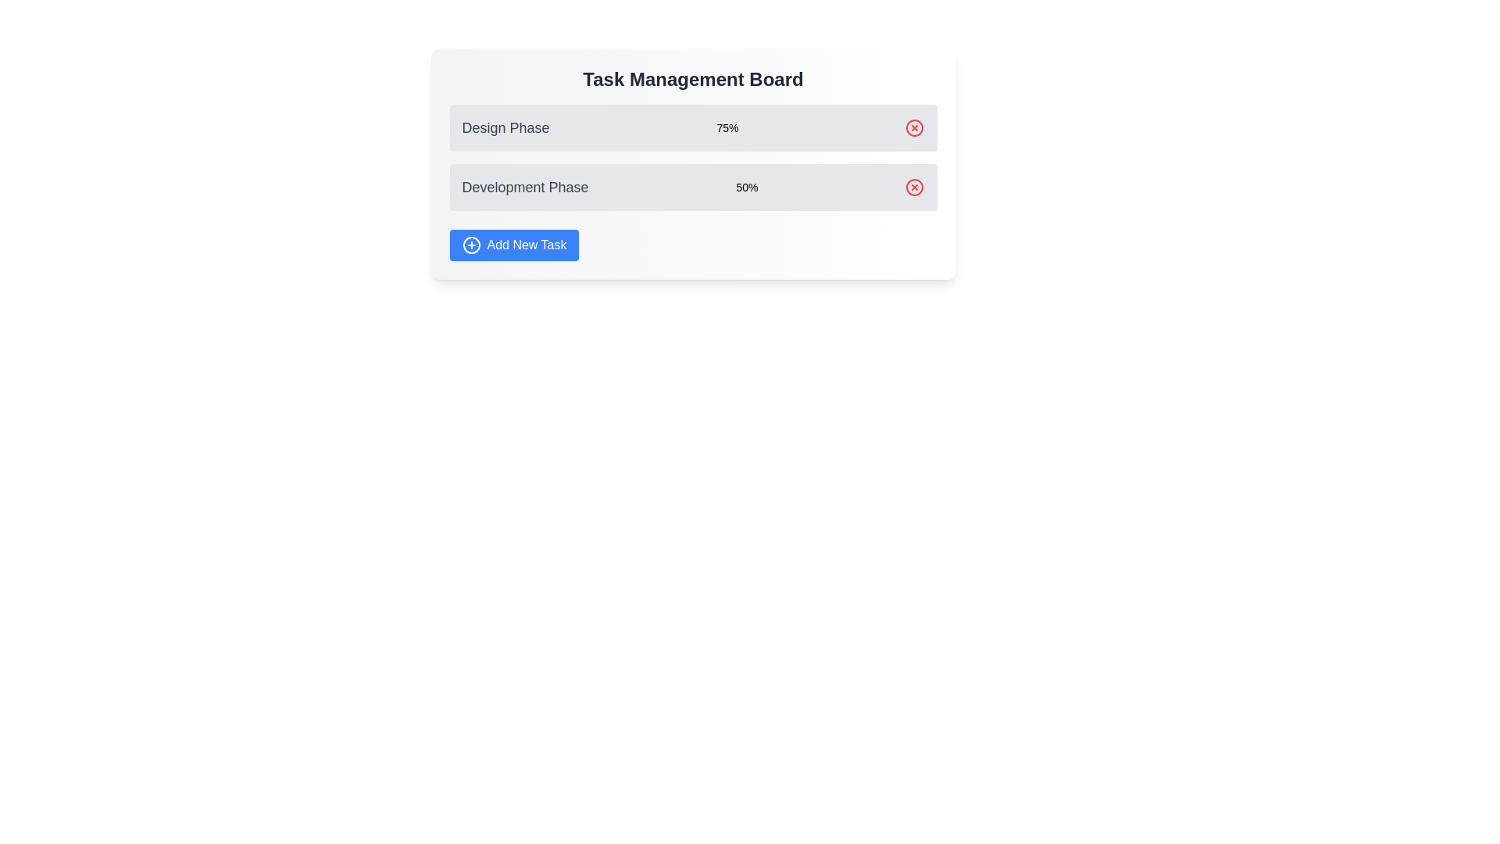  Describe the element at coordinates (525, 186) in the screenshot. I see `the static text label that identifies the current development stage or task in the task management board` at that location.